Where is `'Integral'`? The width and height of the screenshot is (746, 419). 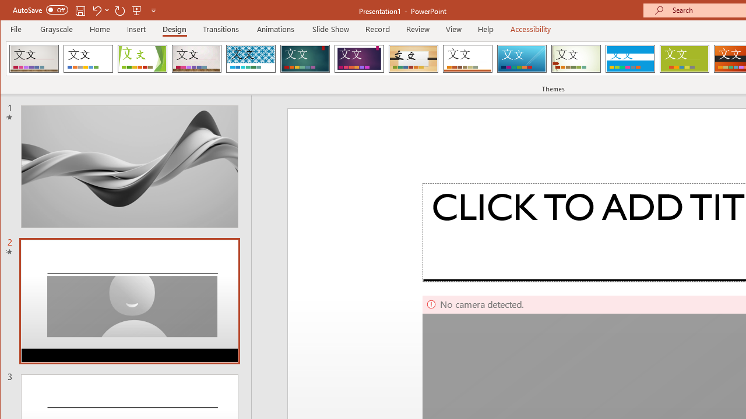
'Integral' is located at coordinates (250, 58).